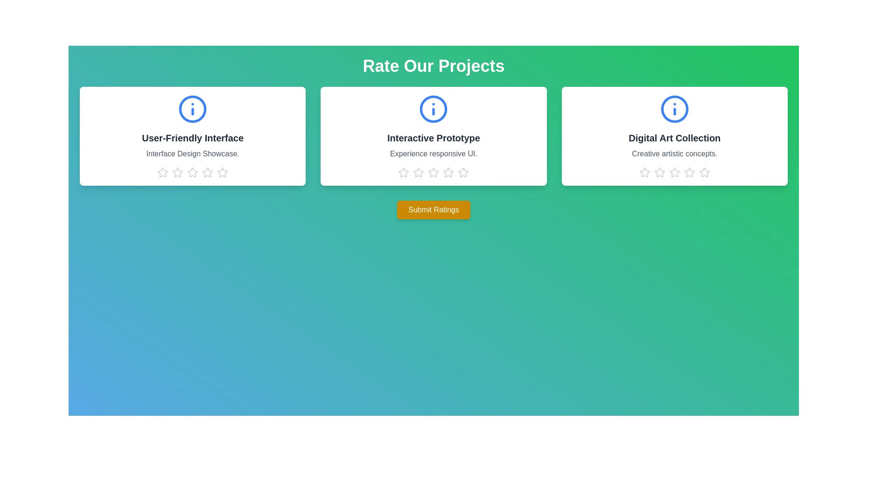 The width and height of the screenshot is (896, 504). What do you see at coordinates (433, 210) in the screenshot?
I see `the 'Submit Ratings' button to submit the ratings` at bounding box center [433, 210].